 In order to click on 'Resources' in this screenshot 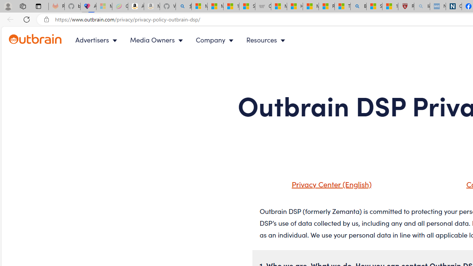, I will do `click(267, 40)`.